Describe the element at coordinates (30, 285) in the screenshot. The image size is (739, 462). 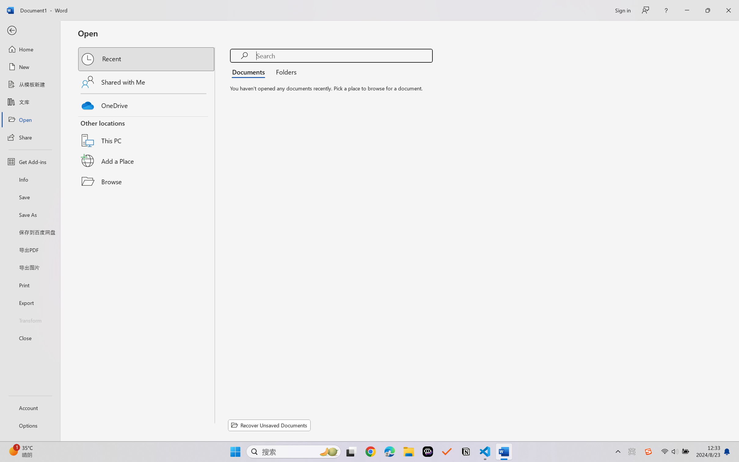
I see `'Print'` at that location.